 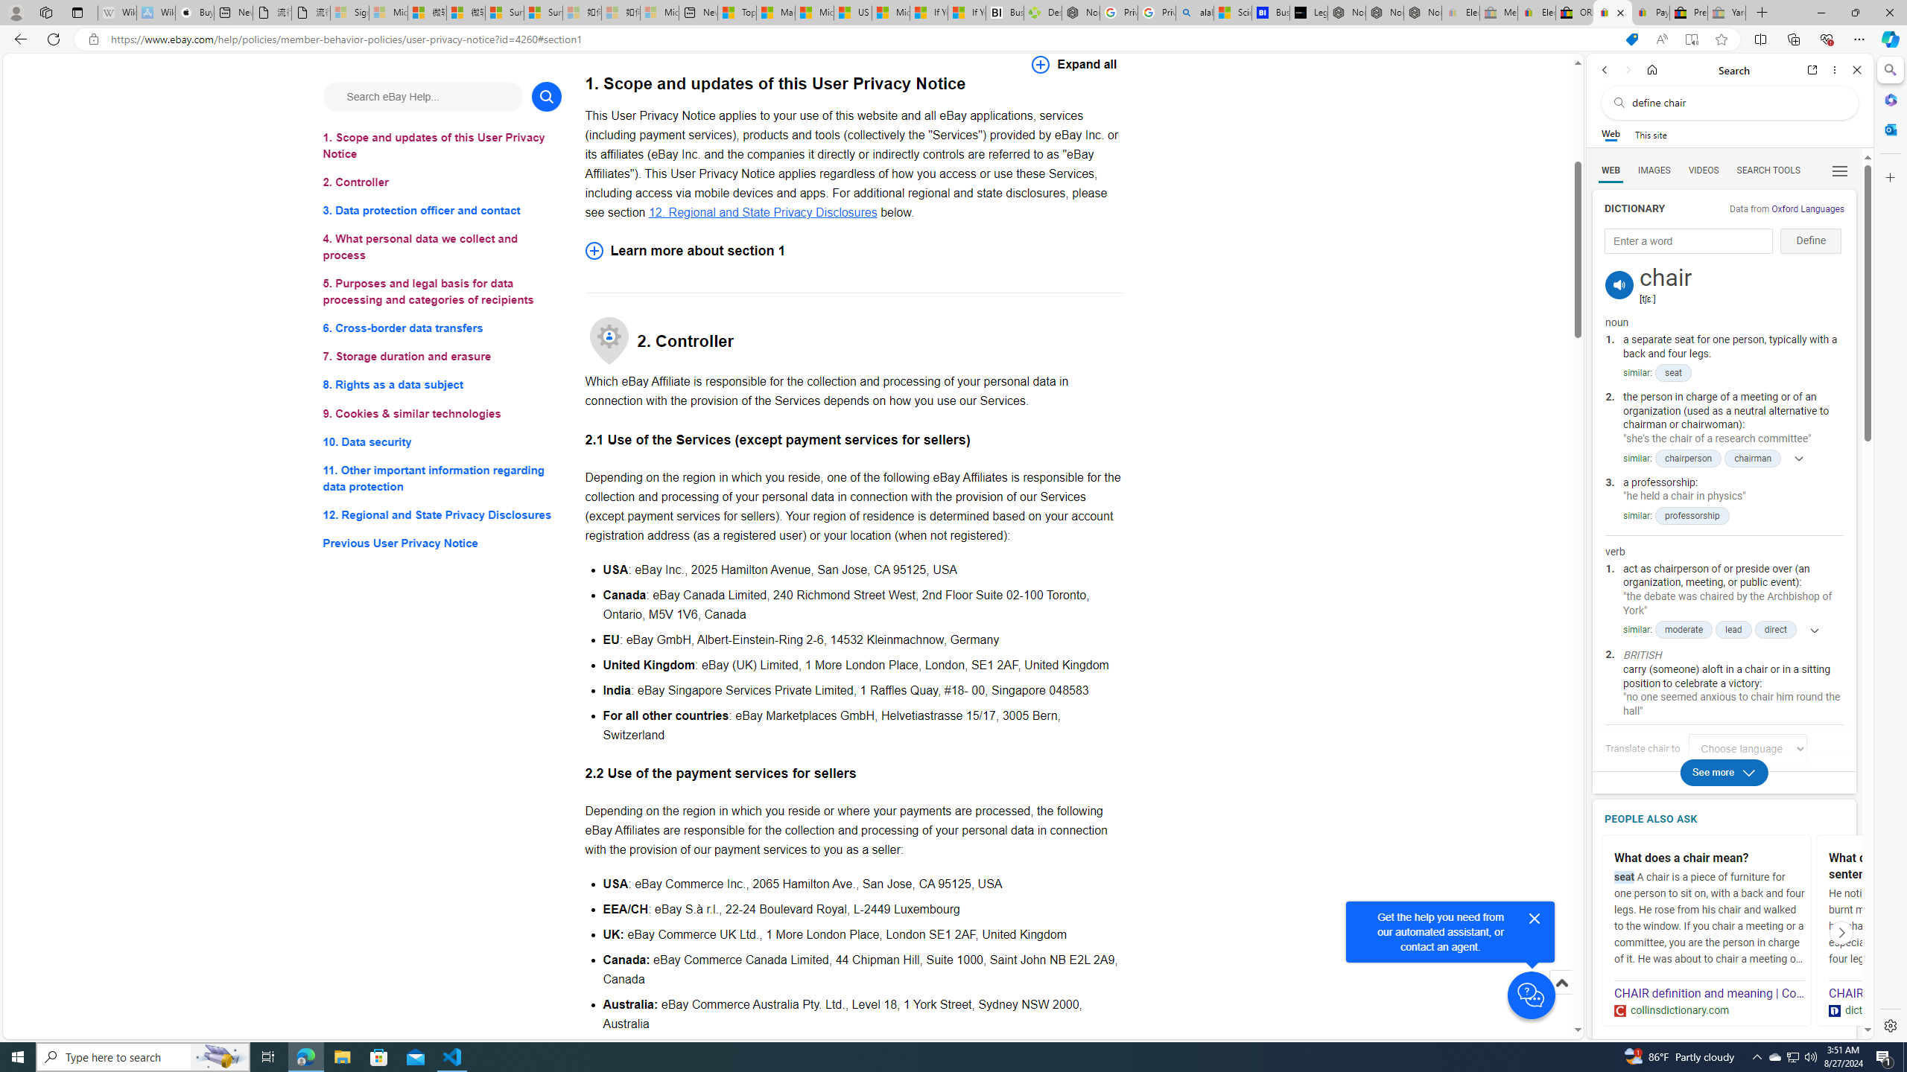 I want to click on 'Link for logging', so click(x=1752, y=749).